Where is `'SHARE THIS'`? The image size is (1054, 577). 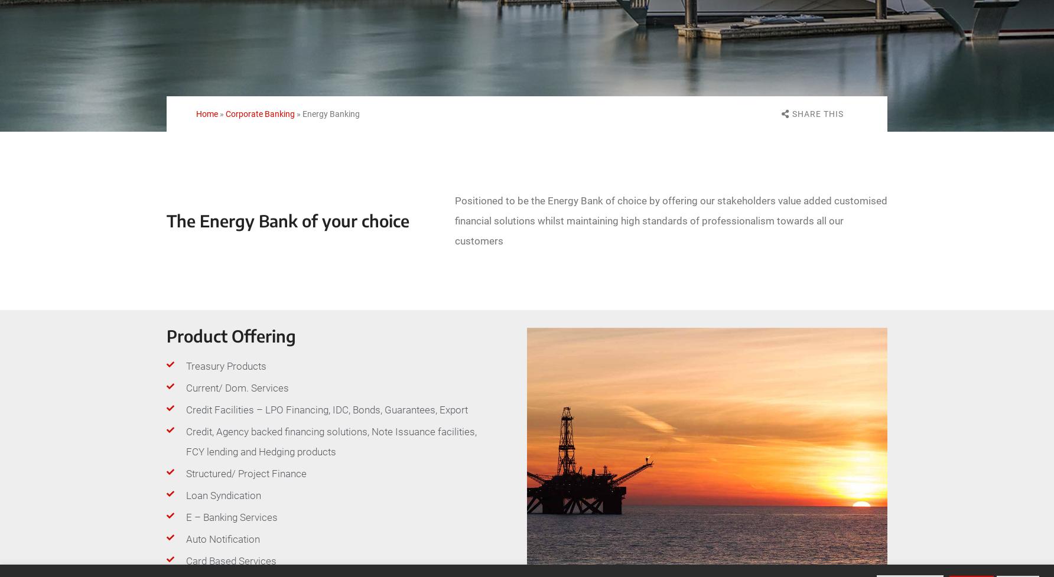 'SHARE THIS' is located at coordinates (818, 113).